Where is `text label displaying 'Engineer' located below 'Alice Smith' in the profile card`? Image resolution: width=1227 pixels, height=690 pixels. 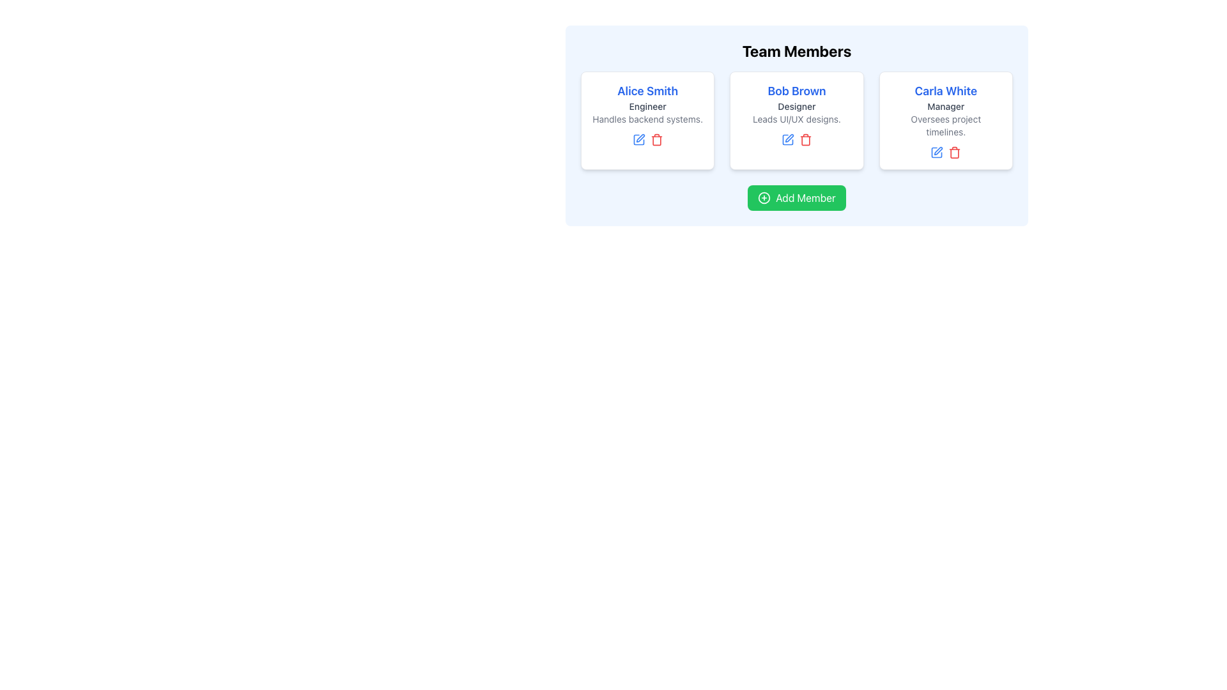
text label displaying 'Engineer' located below 'Alice Smith' in the profile card is located at coordinates (647, 105).